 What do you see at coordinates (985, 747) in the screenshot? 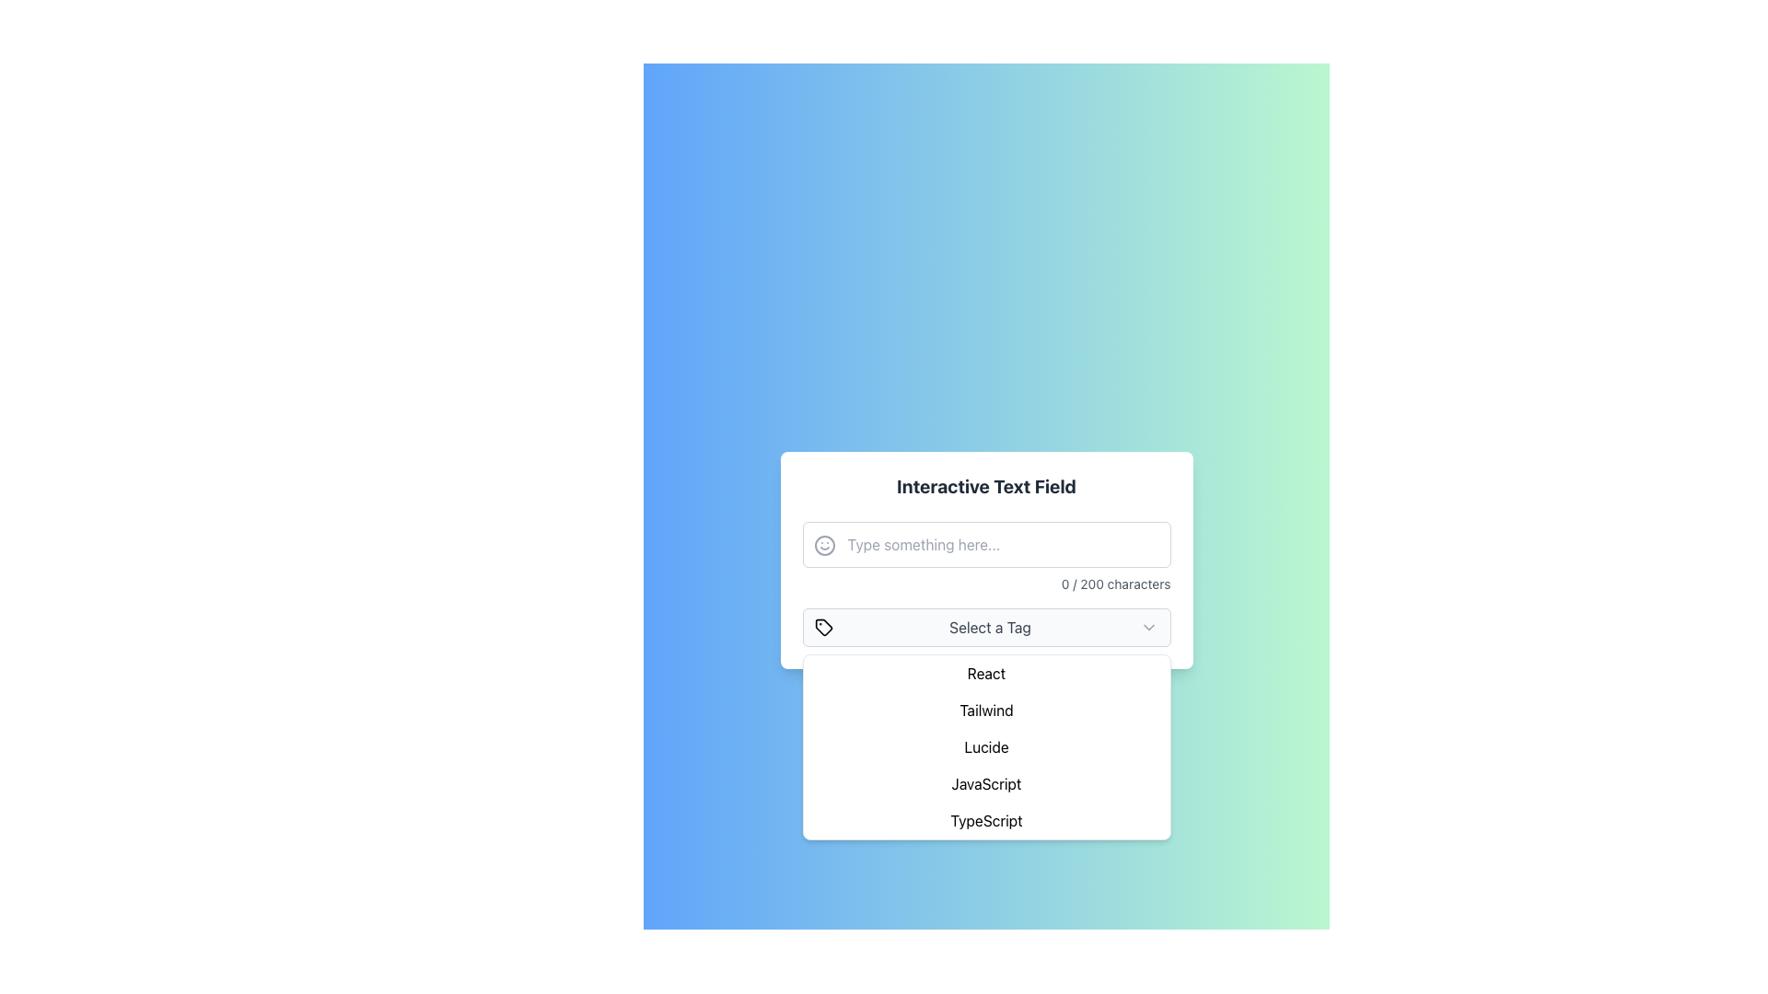
I see `the Dropdown Menu located below the 'Select a Tag' button` at bounding box center [985, 747].